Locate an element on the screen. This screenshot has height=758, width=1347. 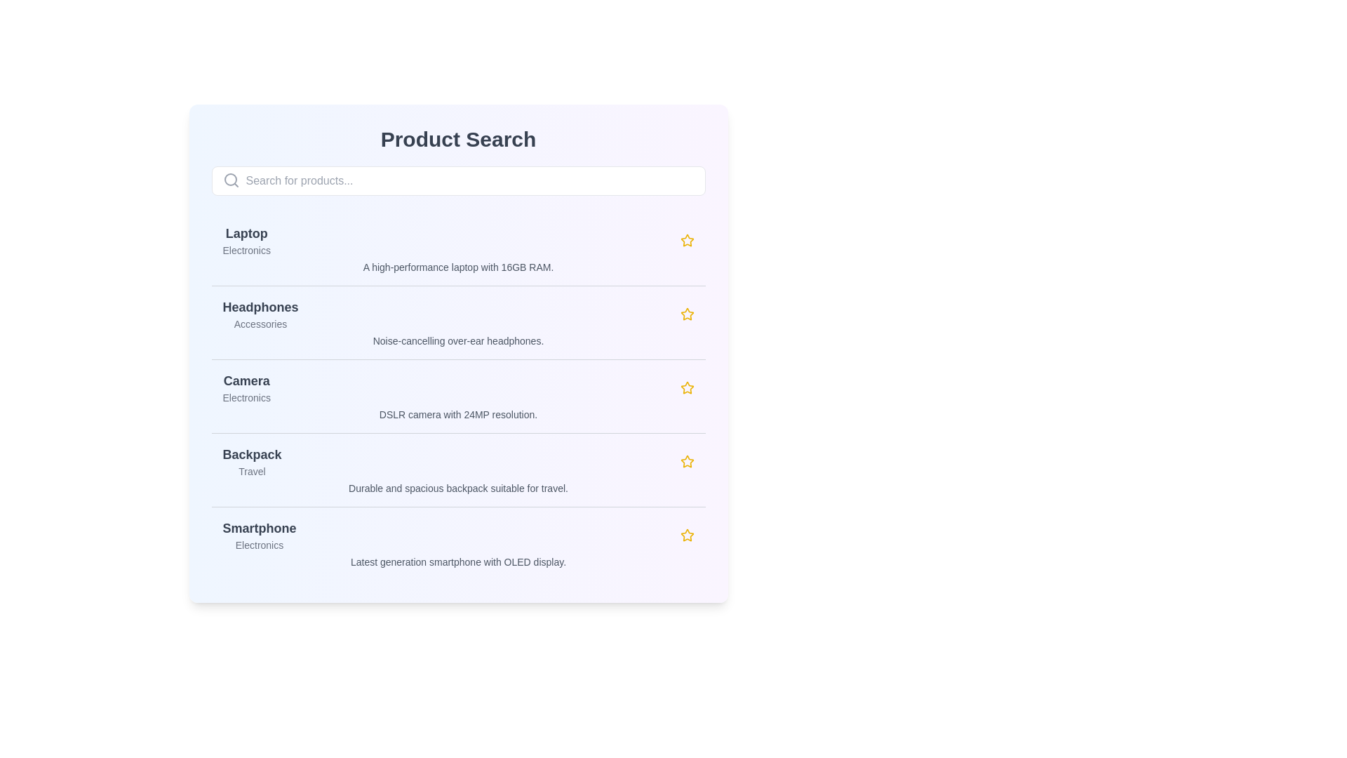
the 'Electronics' text label, which is a small-sized gray font positioned directly beneath the 'Camera' text in a list item group is located at coordinates (246, 398).